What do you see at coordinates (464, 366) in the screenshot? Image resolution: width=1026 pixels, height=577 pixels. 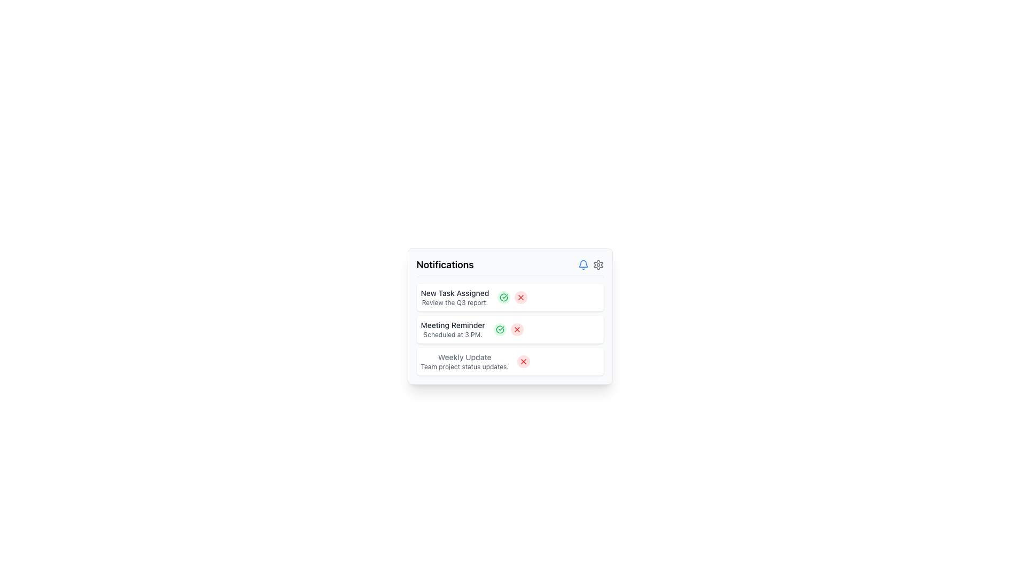 I see `the second text label in the notification section that provides descriptive information regarding team project updates, positioned below the 'Weekly Update' label` at bounding box center [464, 366].